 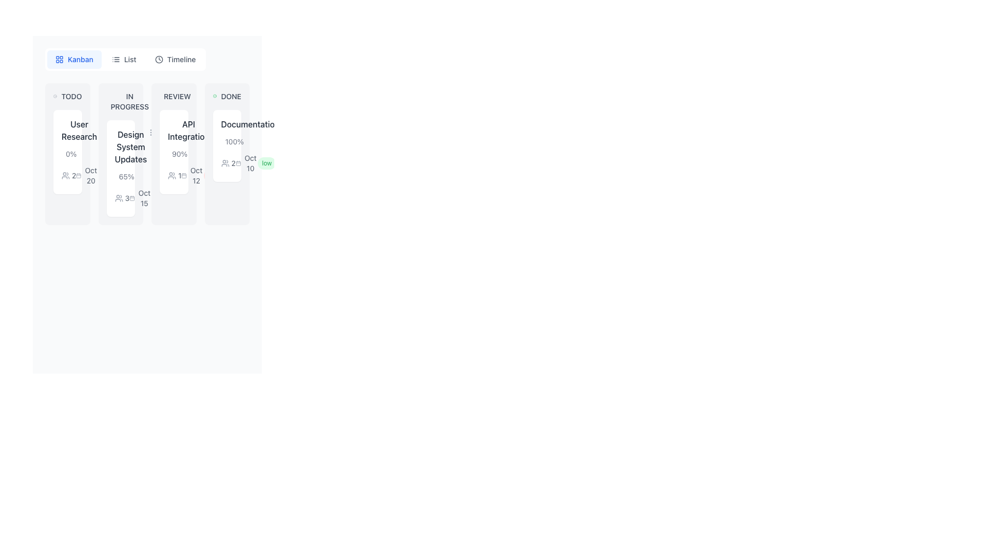 I want to click on the user icon representing two figures in light gray color located in the 'Done' column of the kanban board interface under the 'Documentation' card, so click(x=224, y=162).